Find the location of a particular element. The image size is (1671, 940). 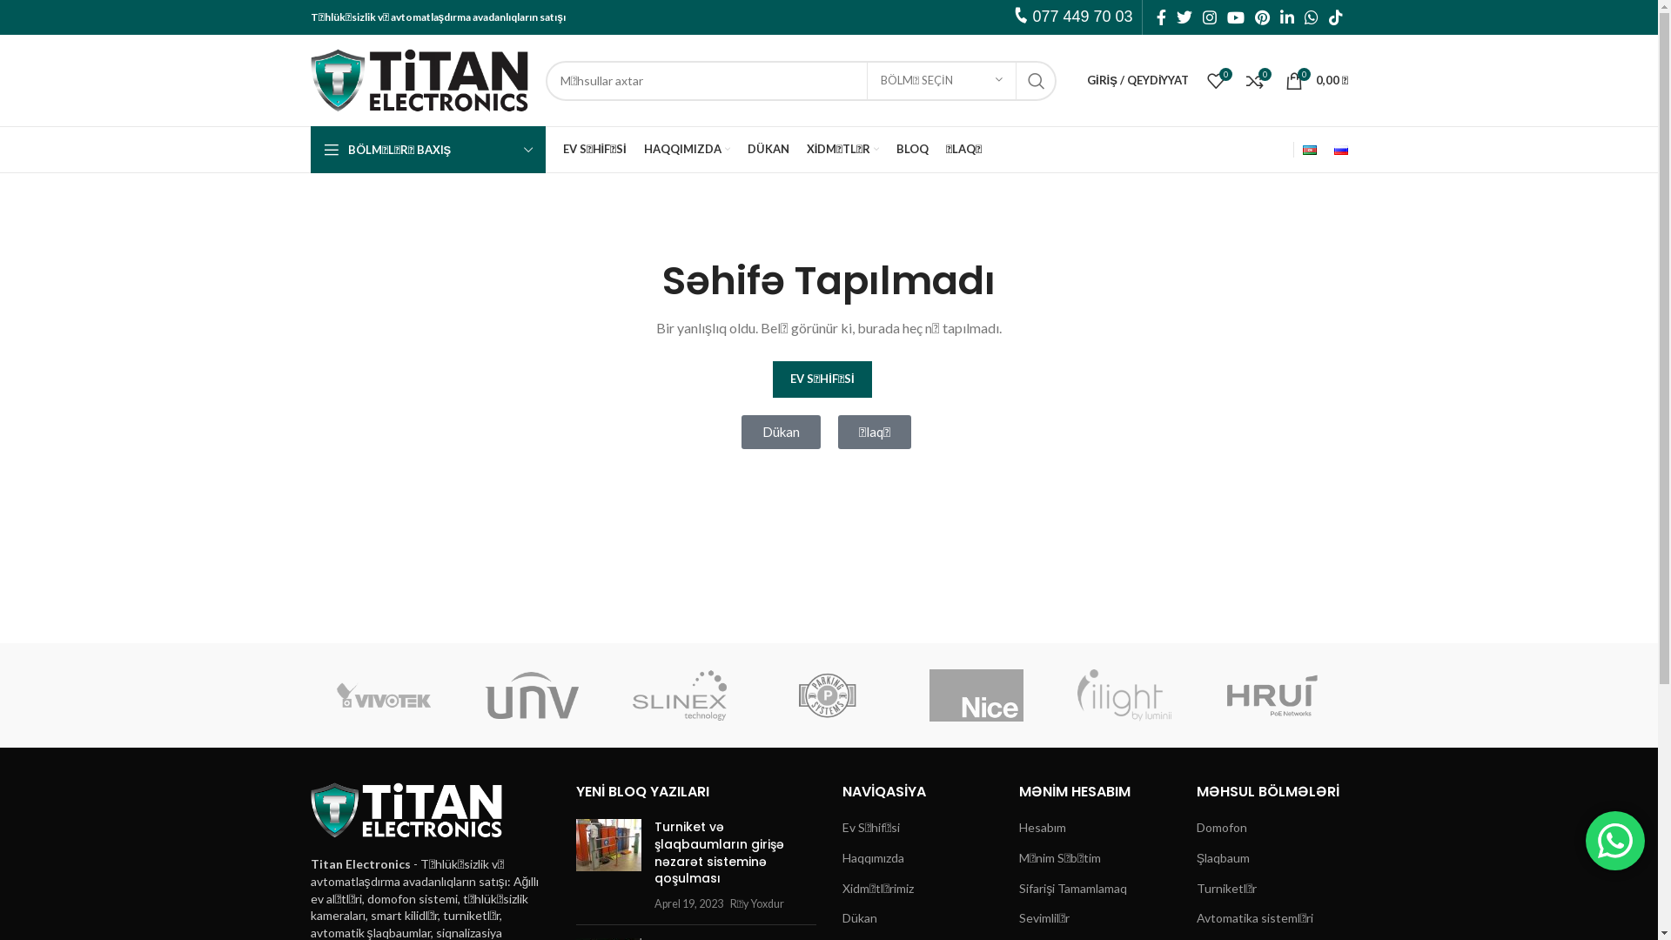

'BLOQ' is located at coordinates (911, 149).